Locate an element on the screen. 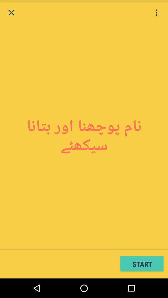 The image size is (168, 298). the more icon is located at coordinates (156, 13).